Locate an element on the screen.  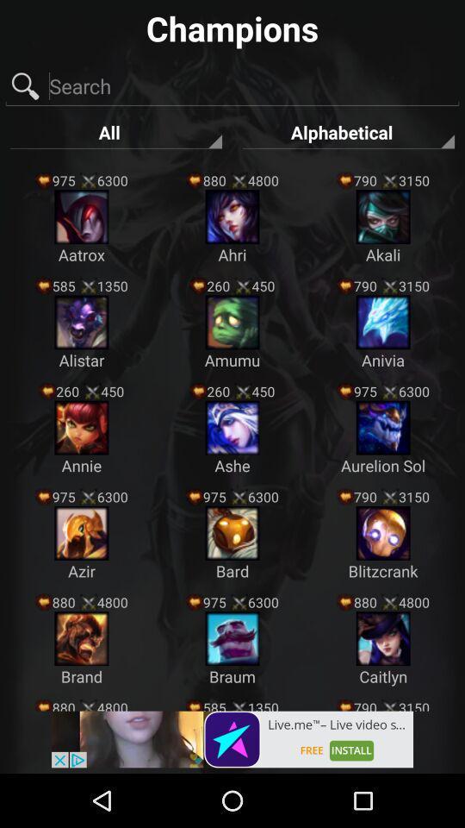
search is located at coordinates (232, 87).